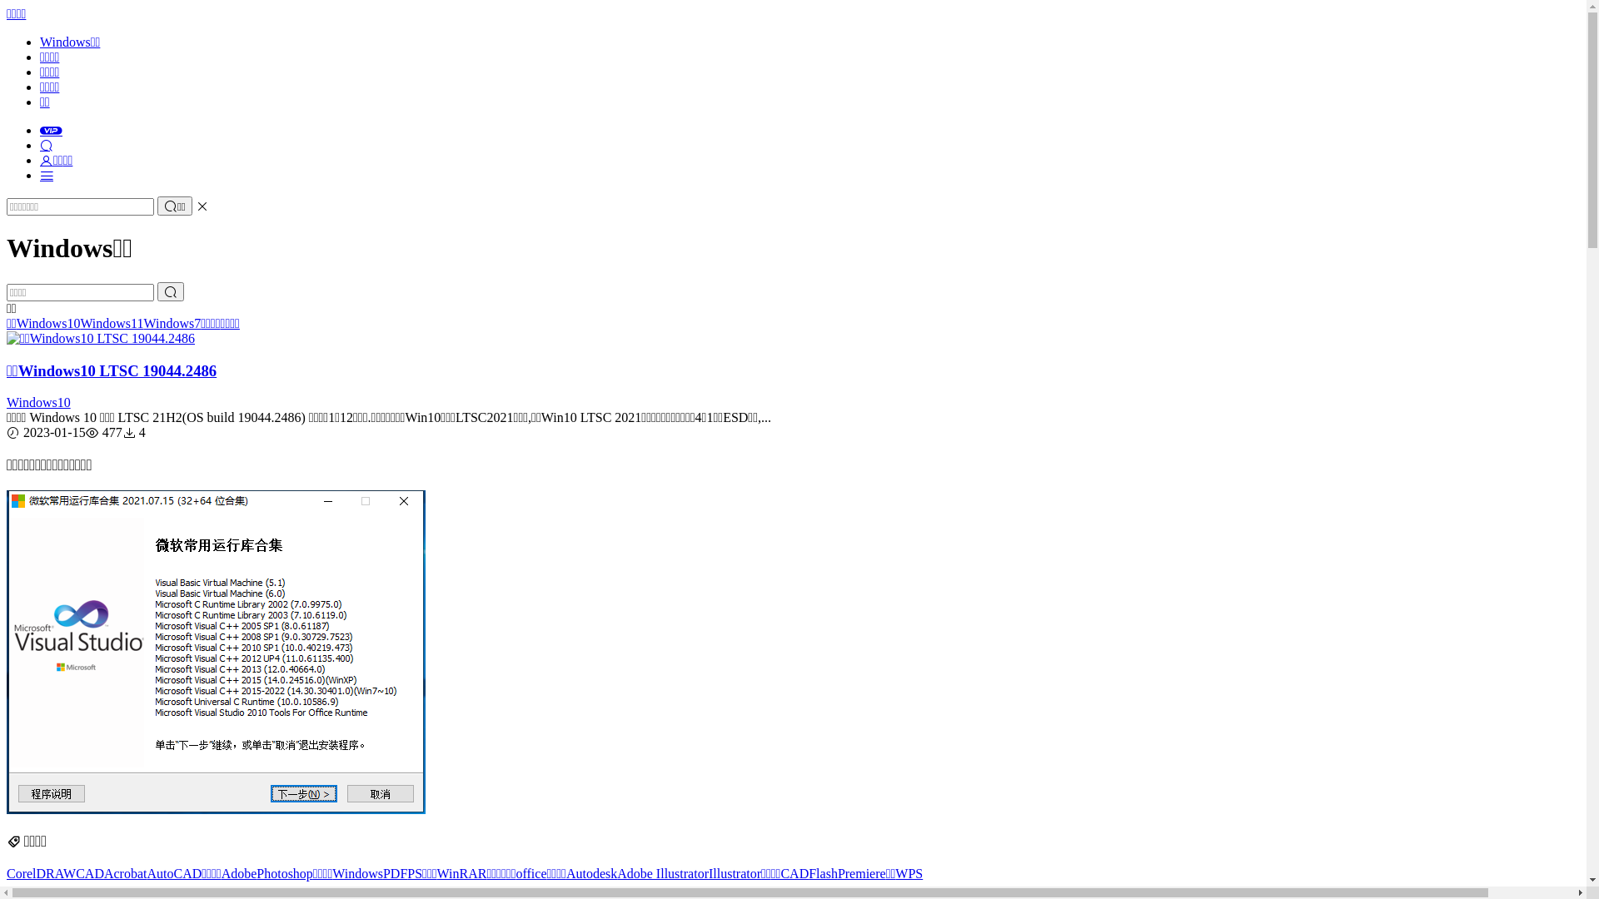 The image size is (1599, 899). Describe the element at coordinates (284, 872) in the screenshot. I see `'Photoshop'` at that location.